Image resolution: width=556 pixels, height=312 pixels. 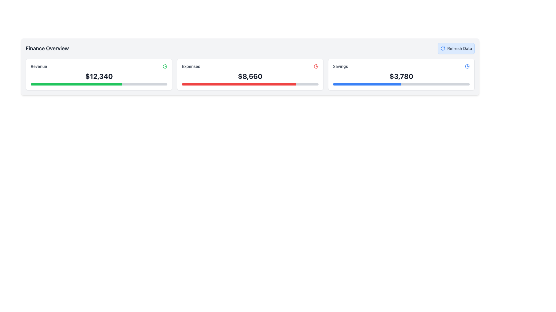 I want to click on the refresh icon located in the 'Refresh Data' button at the top-right corner of the interface, so click(x=442, y=48).